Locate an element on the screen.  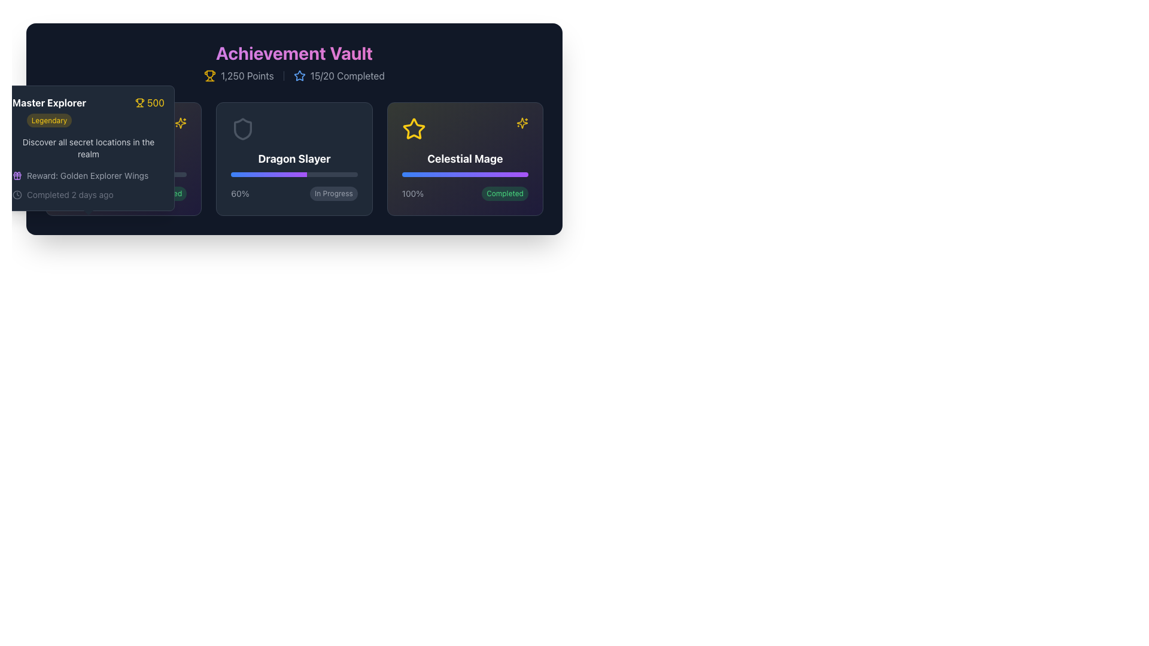
the Text Block that provides a concise description of the task or achievement objective related to the goal shown in the card, located under 'Master Explorer' and above 'Reward: Golden Explorer Wings' is located at coordinates (88, 147).